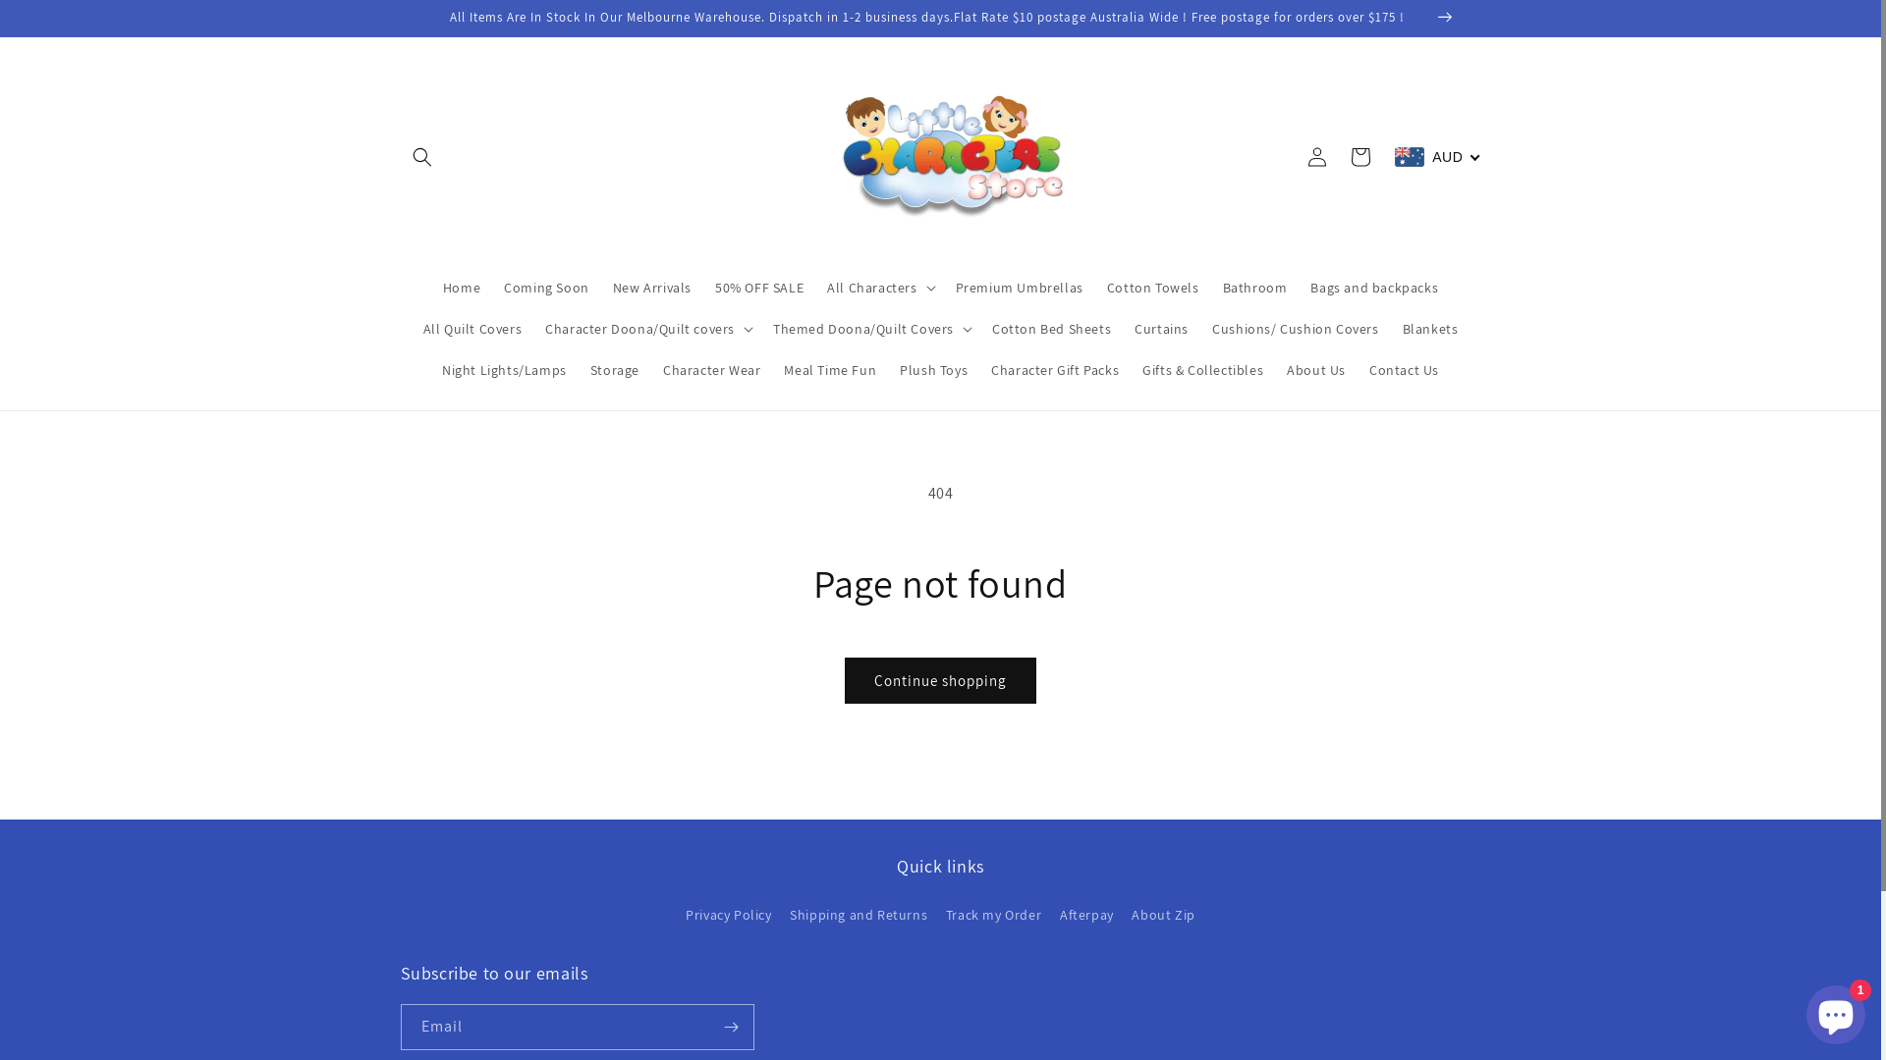  What do you see at coordinates (1359, 155) in the screenshot?
I see `'Cart'` at bounding box center [1359, 155].